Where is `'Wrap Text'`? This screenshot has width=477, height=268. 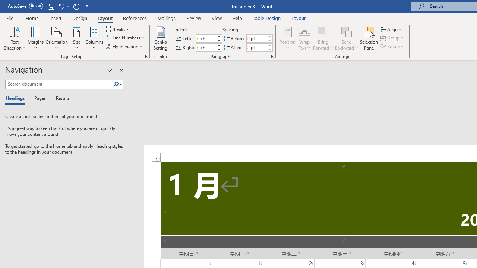 'Wrap Text' is located at coordinates (304, 38).